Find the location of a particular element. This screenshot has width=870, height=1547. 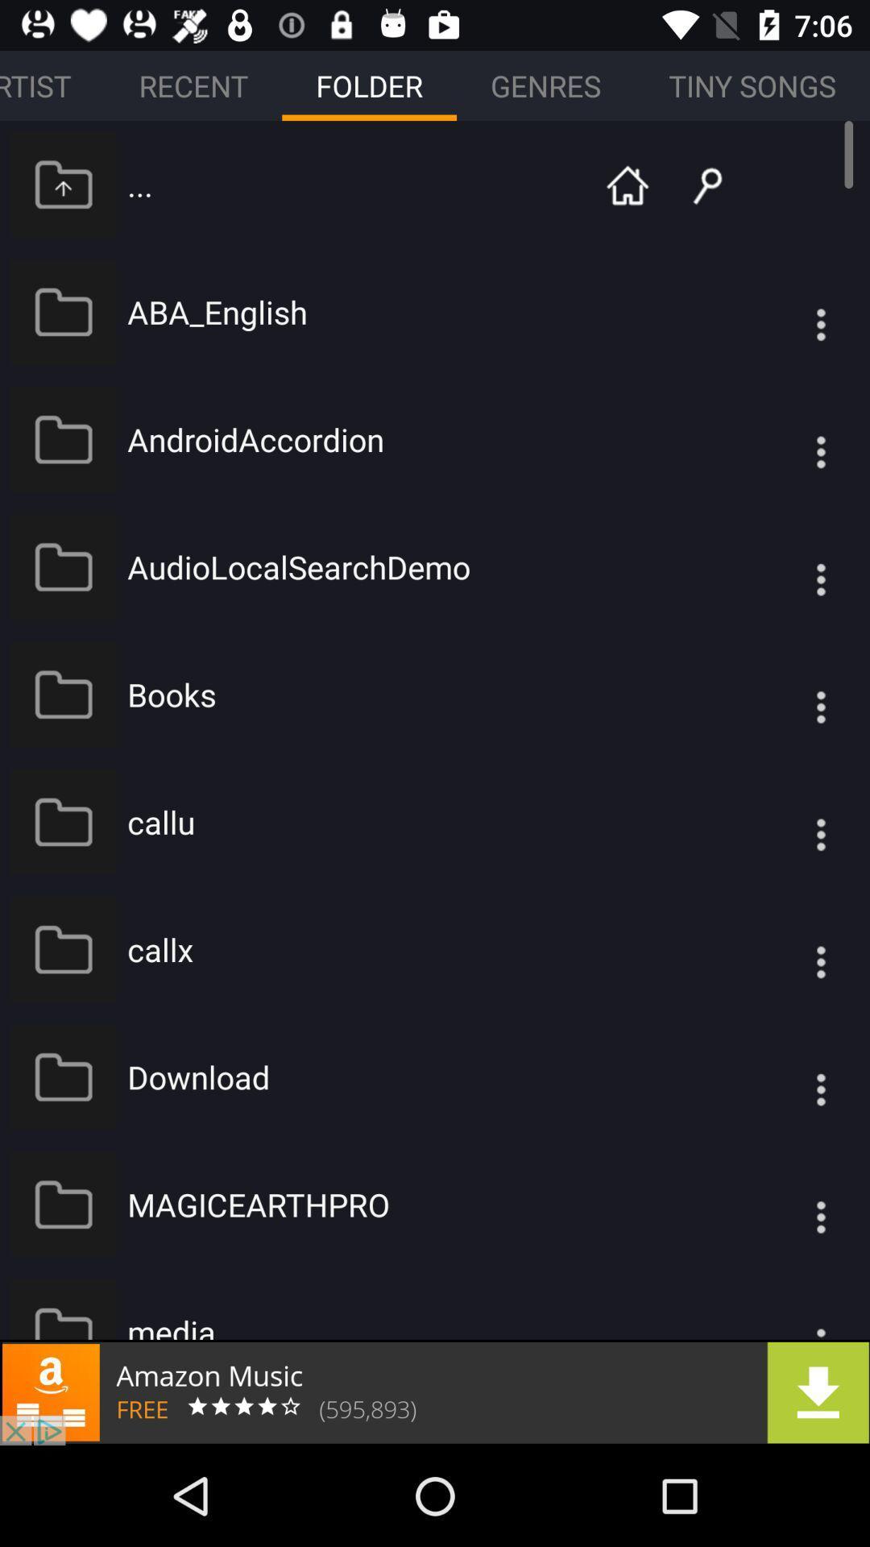

click on advertisement below is located at coordinates (435, 1391).